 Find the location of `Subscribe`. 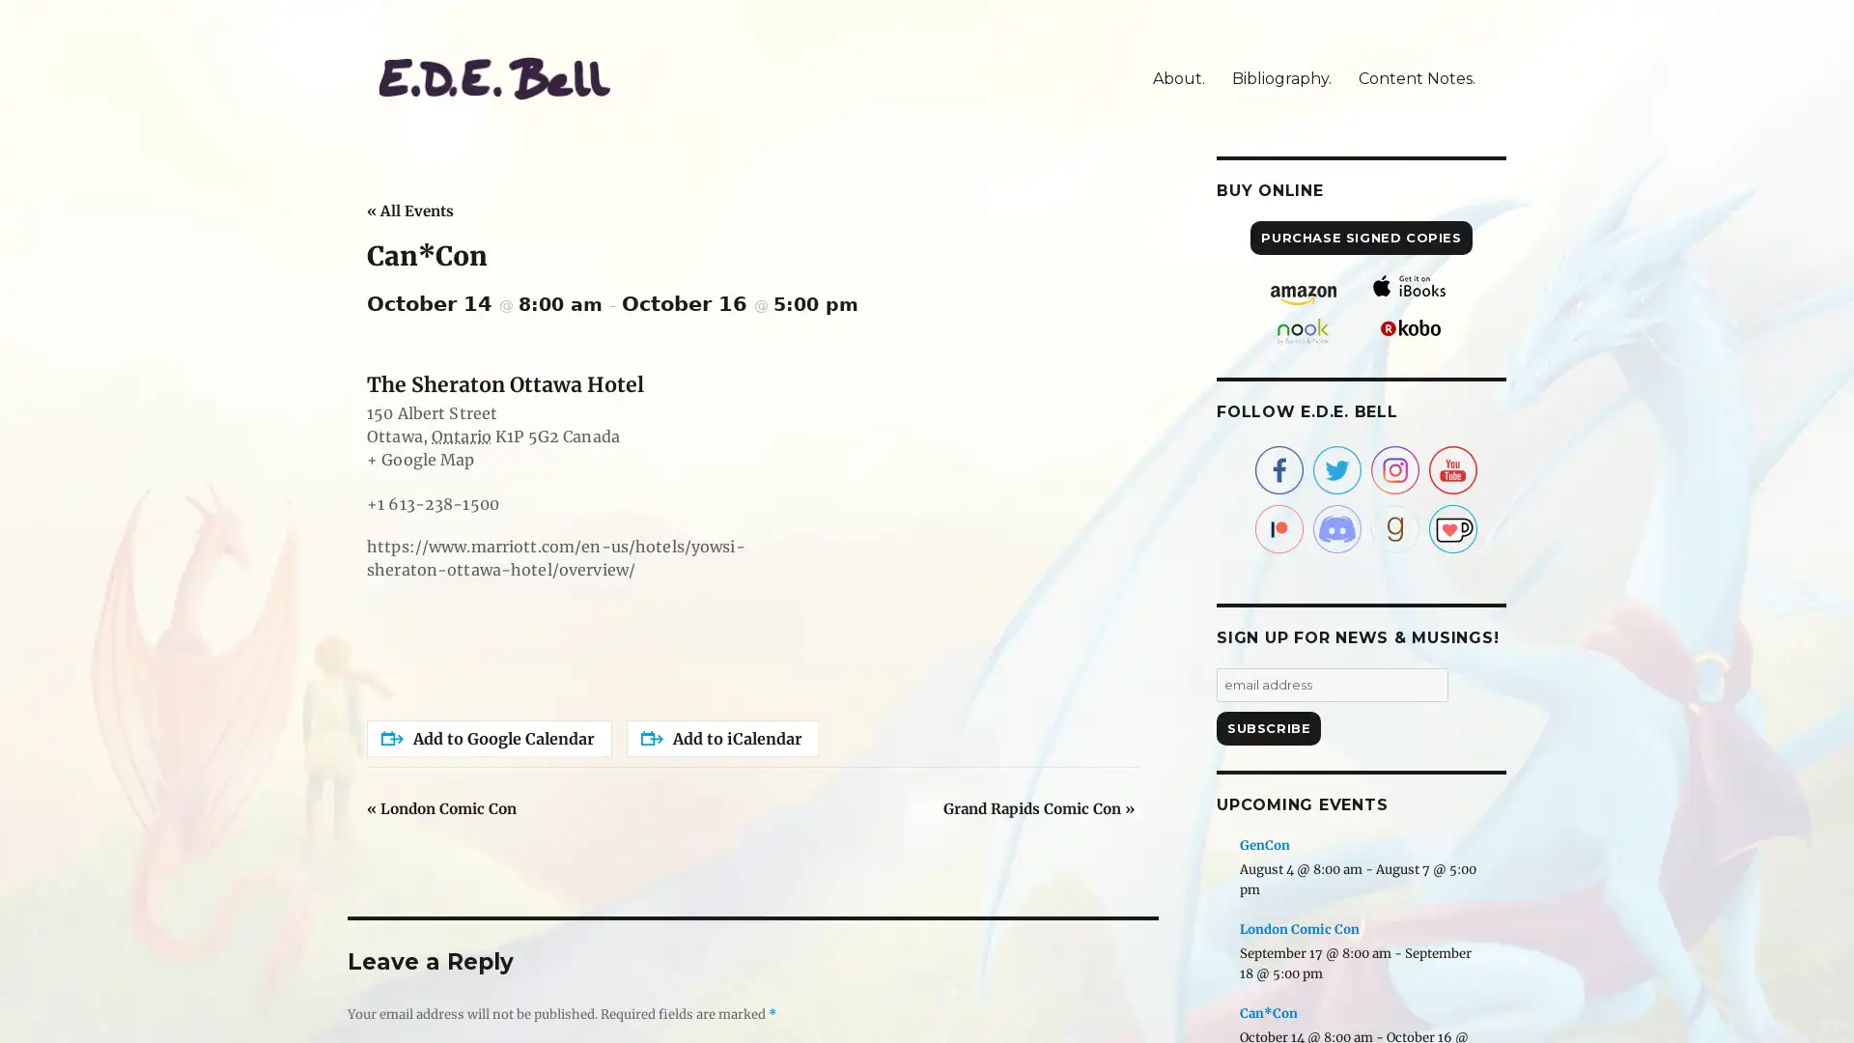

Subscribe is located at coordinates (1269, 728).